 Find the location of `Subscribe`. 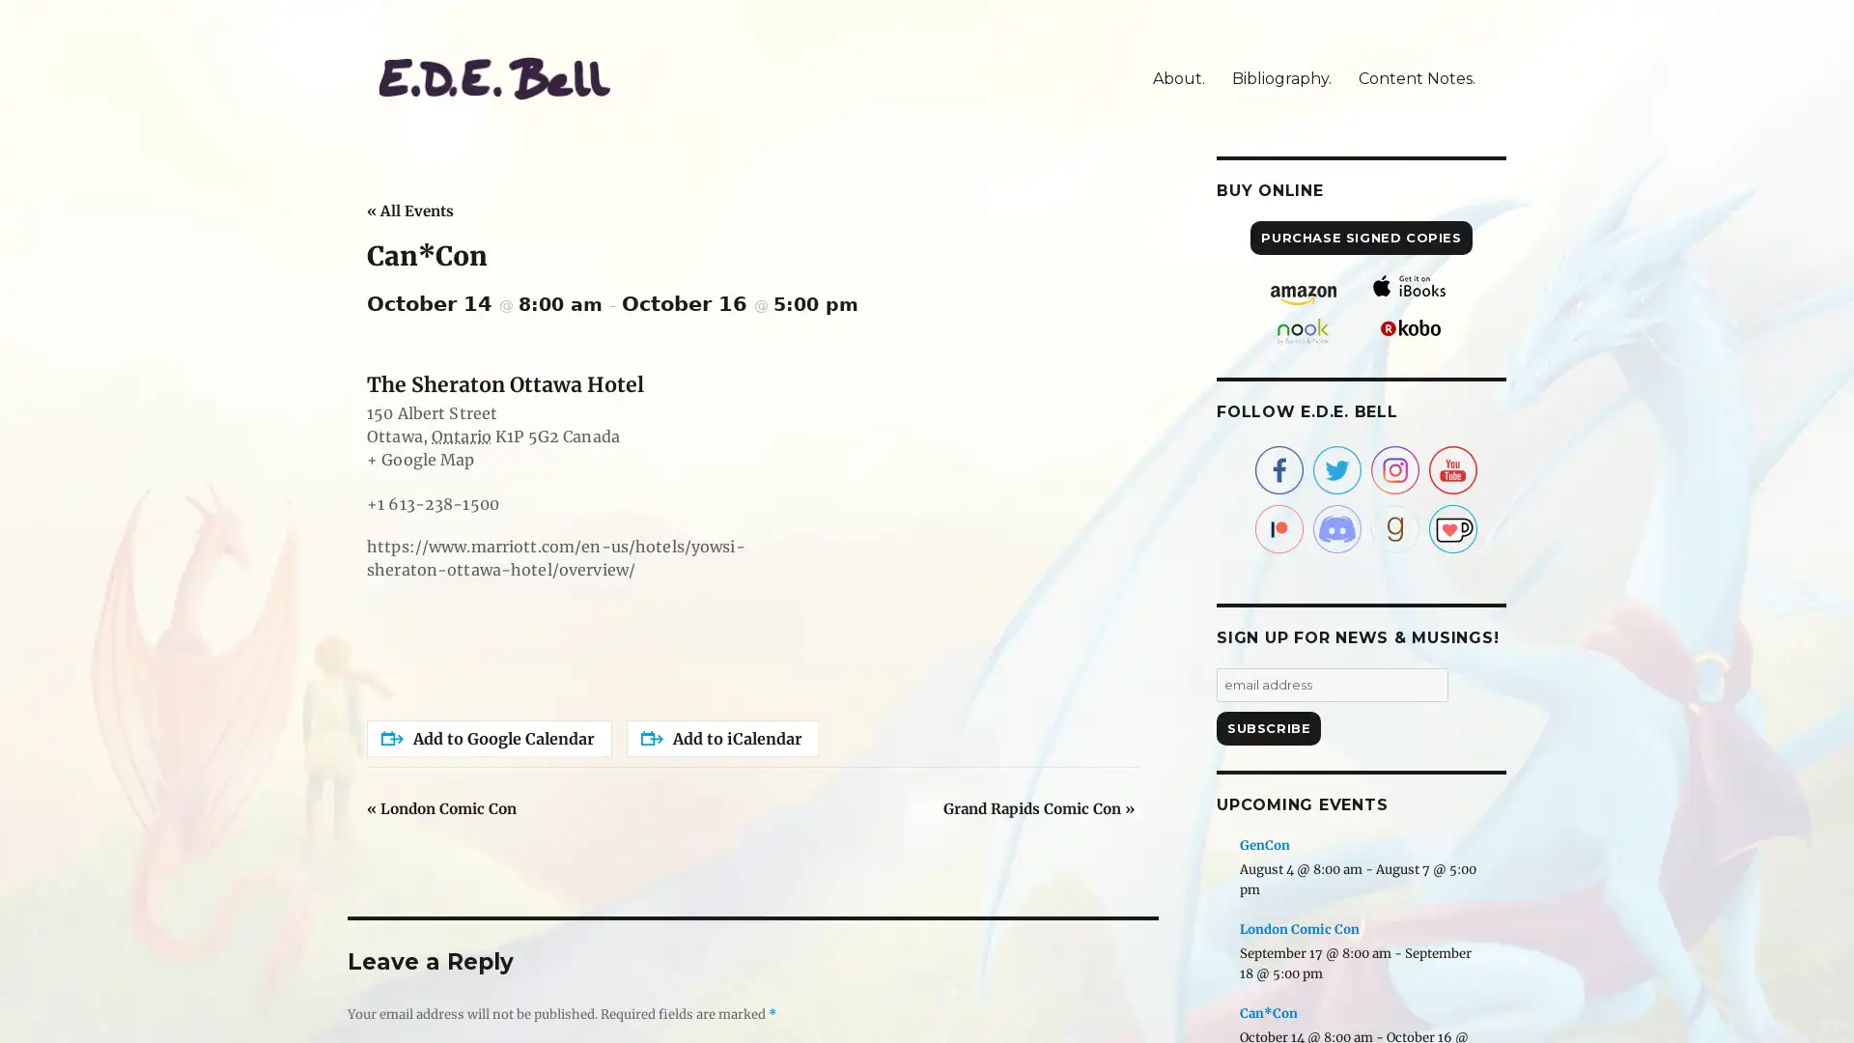

Subscribe is located at coordinates (1269, 728).